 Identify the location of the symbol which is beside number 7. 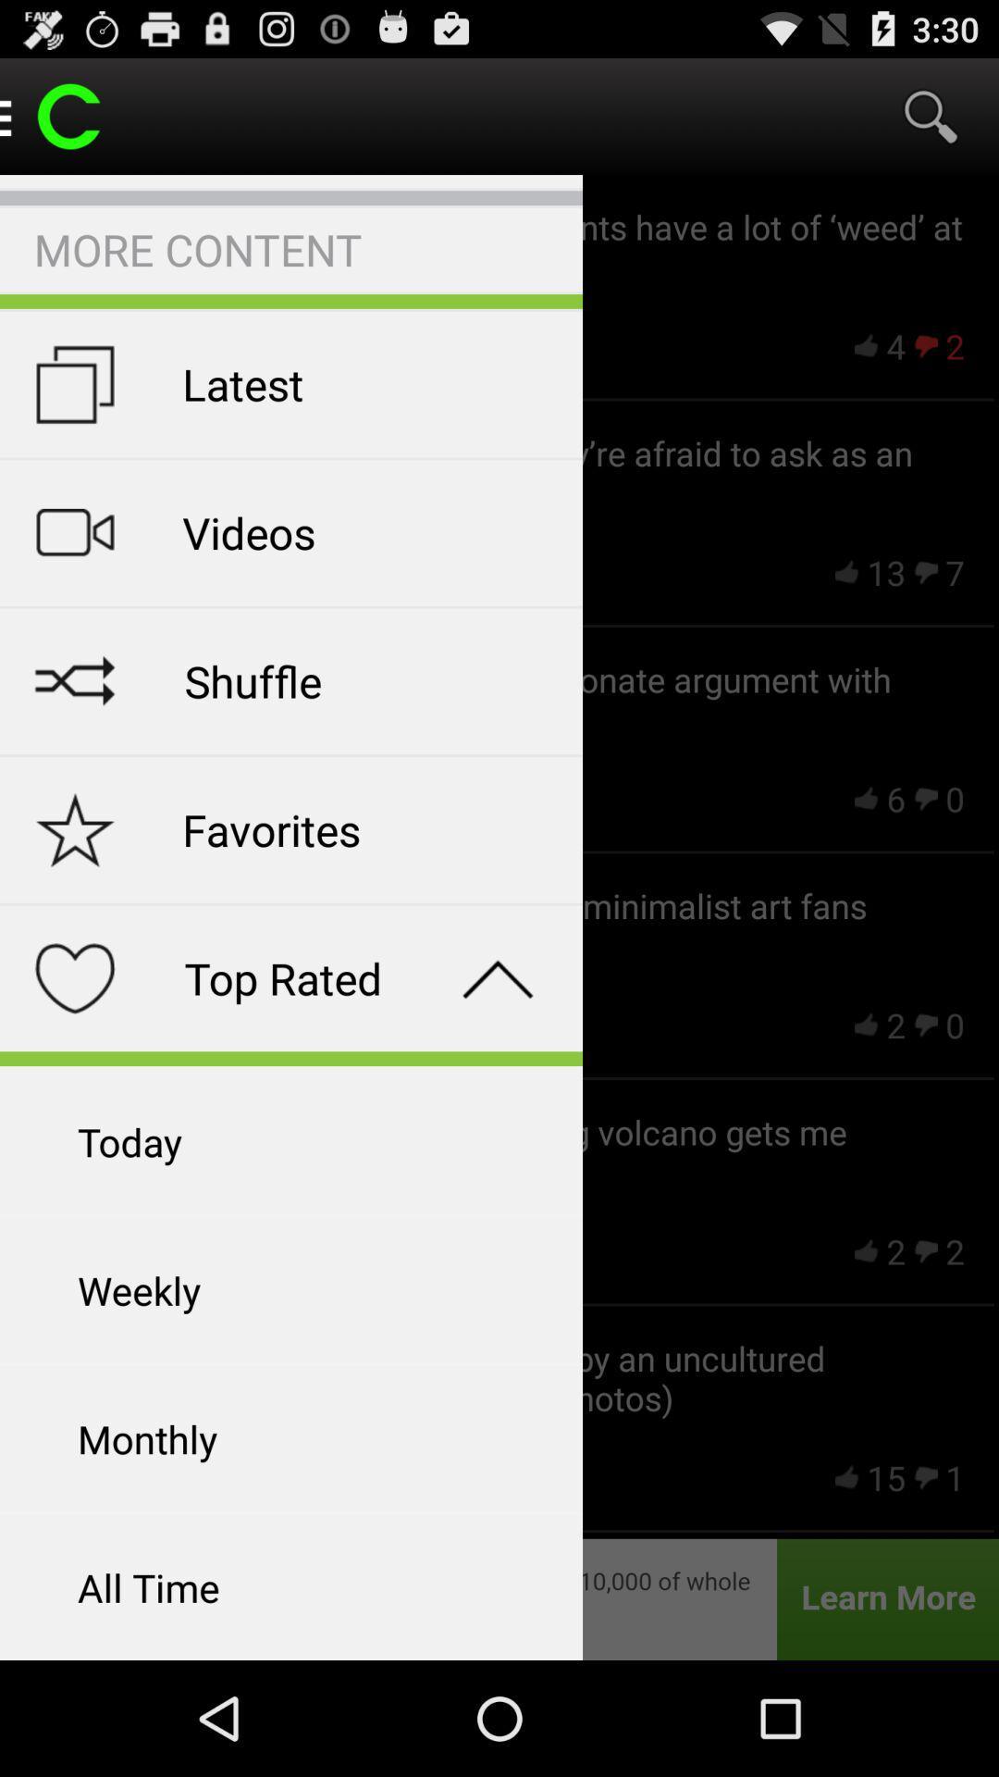
(926, 571).